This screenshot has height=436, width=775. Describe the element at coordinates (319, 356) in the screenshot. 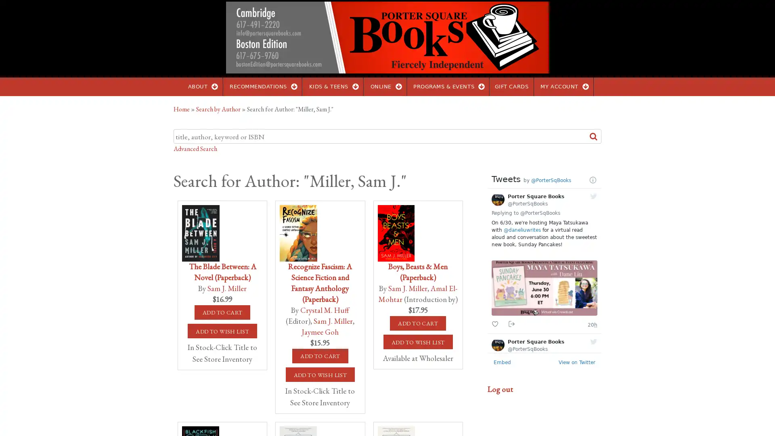

I see `Add to Cart` at that location.